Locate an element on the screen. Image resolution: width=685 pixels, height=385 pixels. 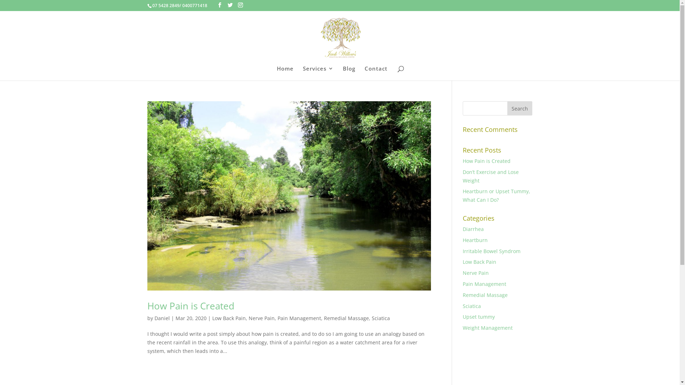
'Remedial Massage' is located at coordinates (346, 318).